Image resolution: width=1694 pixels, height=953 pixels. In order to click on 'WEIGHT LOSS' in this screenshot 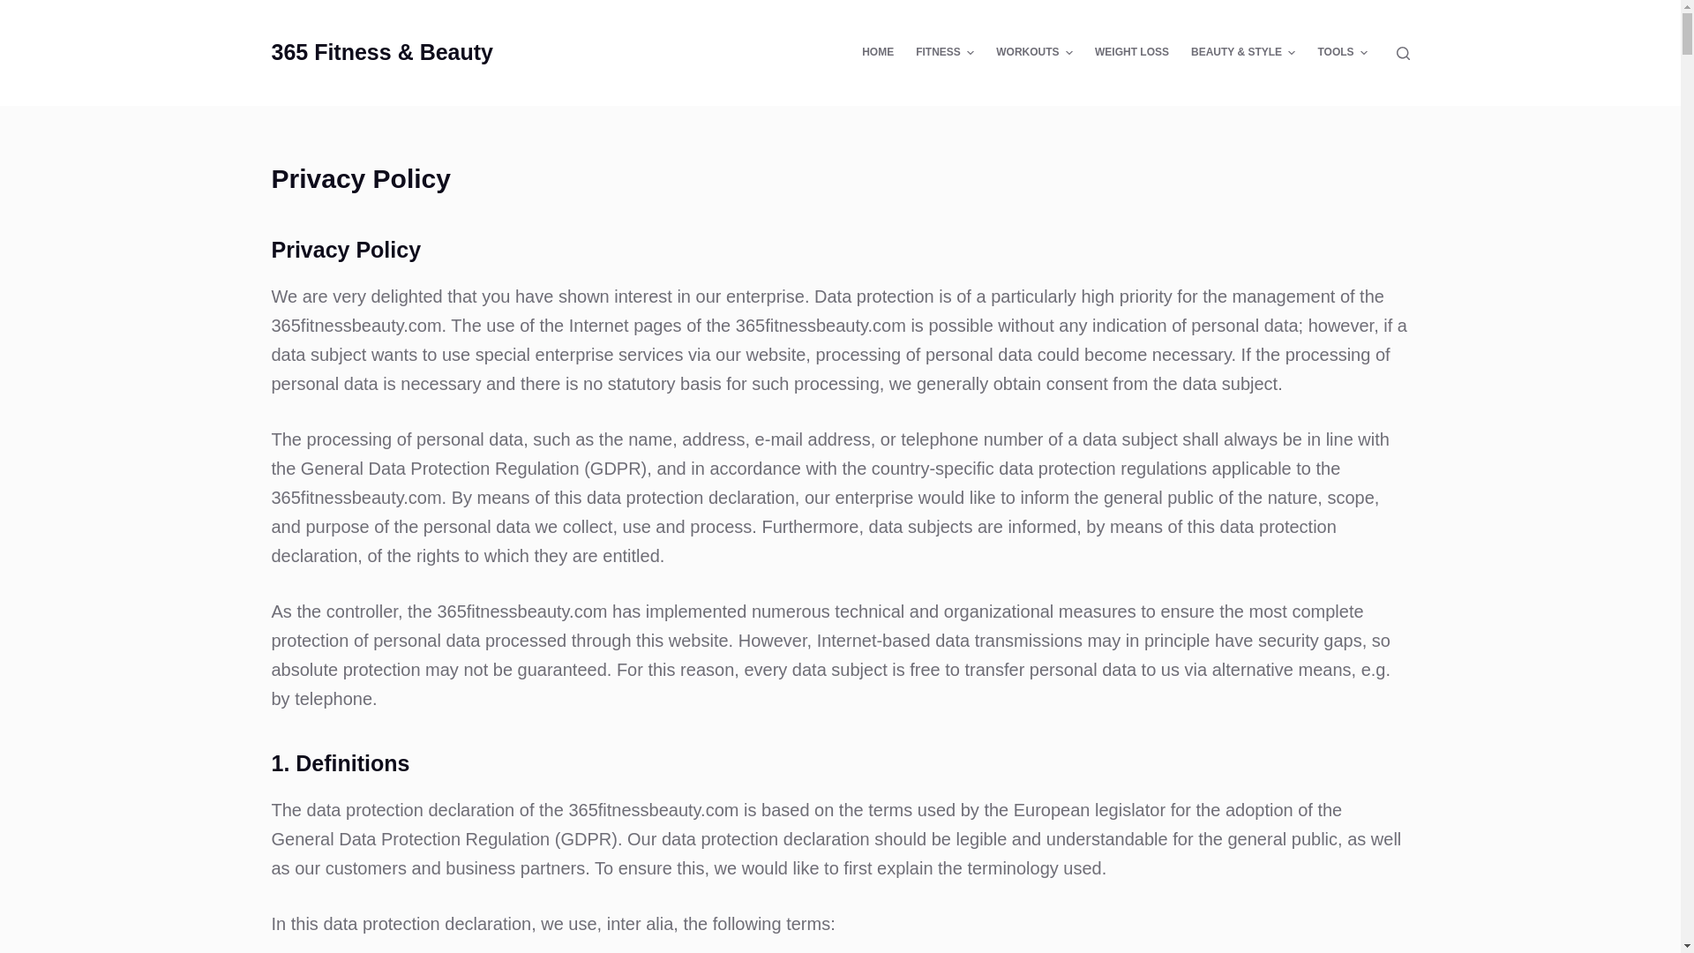, I will do `click(1131, 52)`.